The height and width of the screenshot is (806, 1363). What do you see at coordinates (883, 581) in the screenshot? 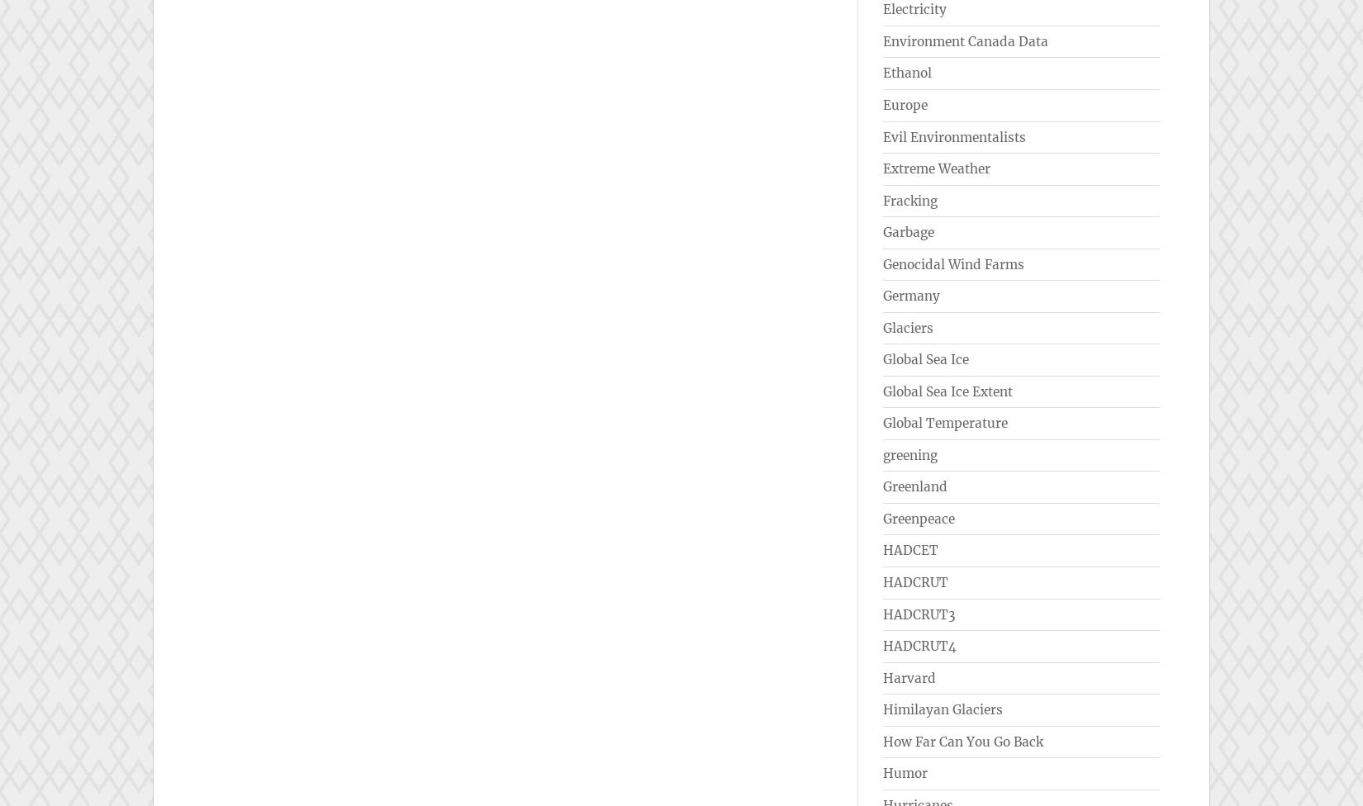
I see `'HADCRUT'` at bounding box center [883, 581].